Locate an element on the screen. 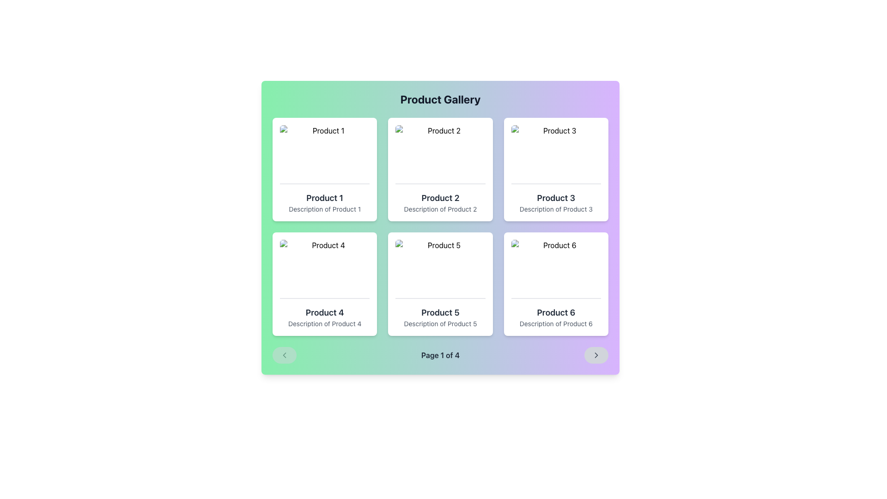 The image size is (887, 499). the image displaying 'Product 2' is located at coordinates (440, 154).